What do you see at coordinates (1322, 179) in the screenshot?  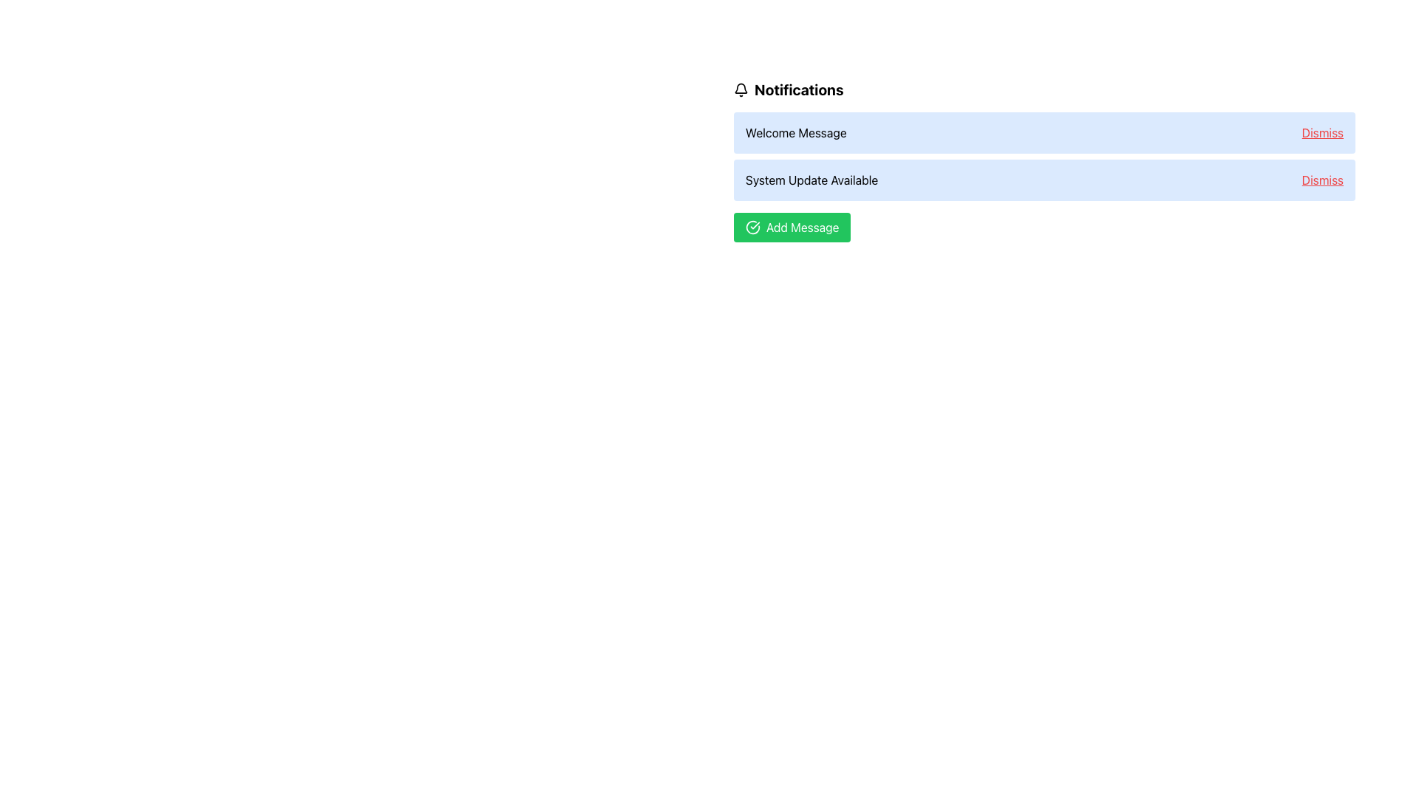 I see `the red underlined text 'Dismiss' in the 'System Update Available' notification bar` at bounding box center [1322, 179].